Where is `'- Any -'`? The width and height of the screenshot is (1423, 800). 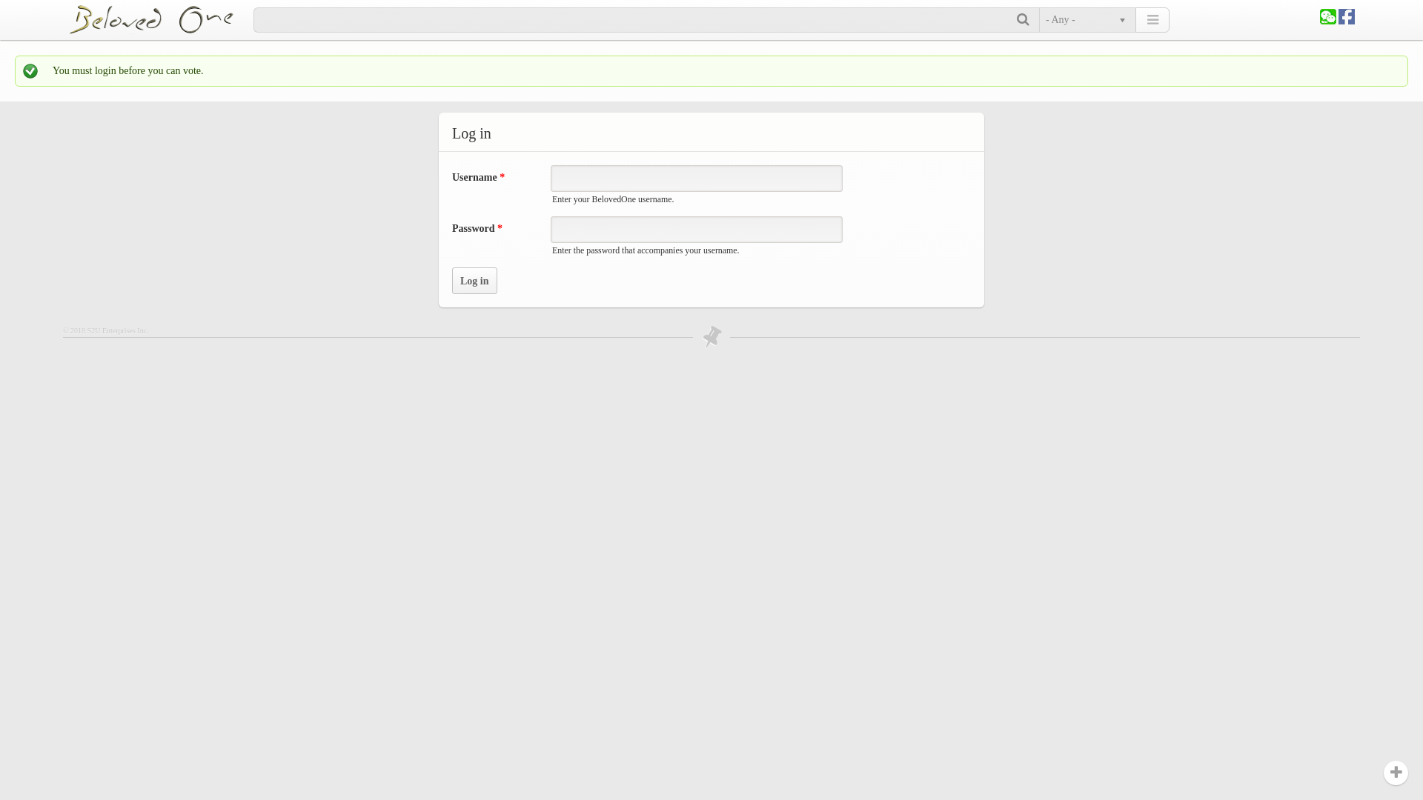
'- Any -' is located at coordinates (1085, 20).